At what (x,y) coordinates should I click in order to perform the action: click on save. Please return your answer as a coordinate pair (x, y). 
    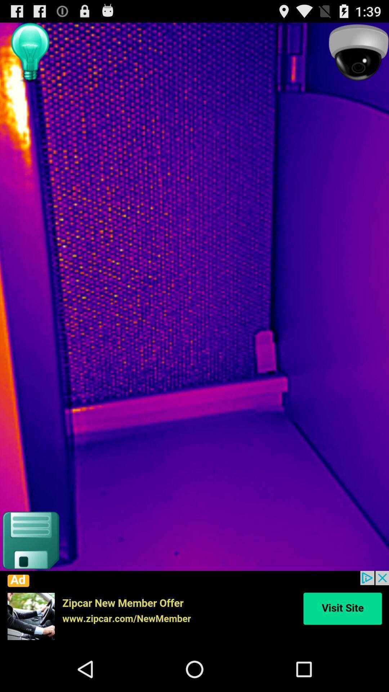
    Looking at the image, I should click on (30, 540).